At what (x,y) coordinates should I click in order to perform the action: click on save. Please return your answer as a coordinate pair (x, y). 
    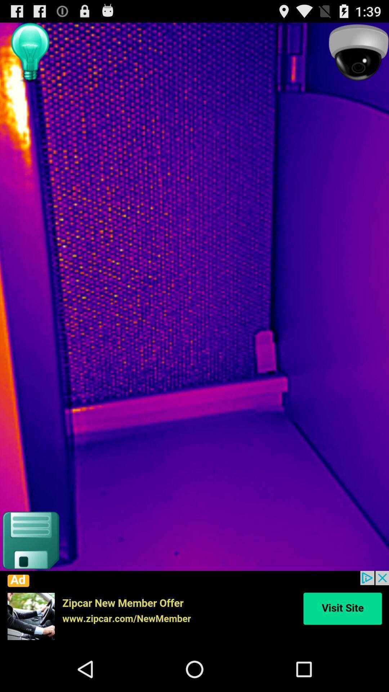
    Looking at the image, I should click on (30, 540).